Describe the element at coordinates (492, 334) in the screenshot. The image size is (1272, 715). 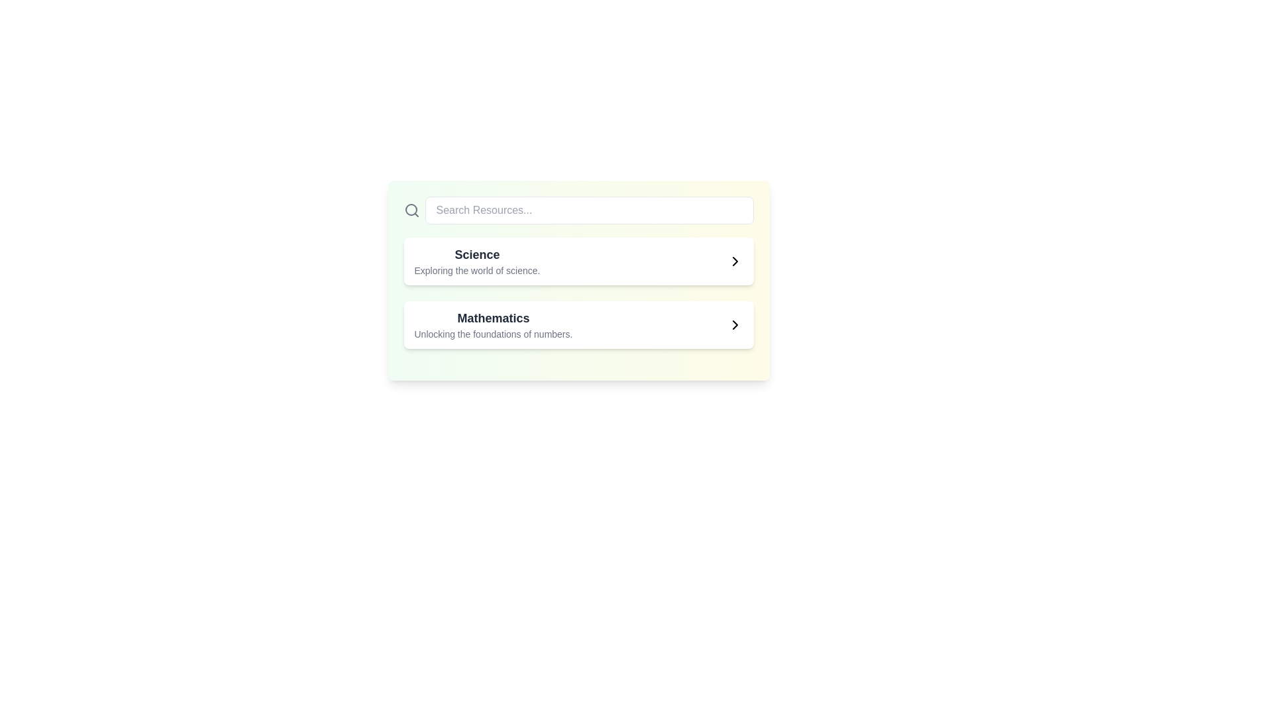
I see `the static text element that serves as a subtitle or brief description for 'Mathematics', located directly beneath the larger title text` at that location.